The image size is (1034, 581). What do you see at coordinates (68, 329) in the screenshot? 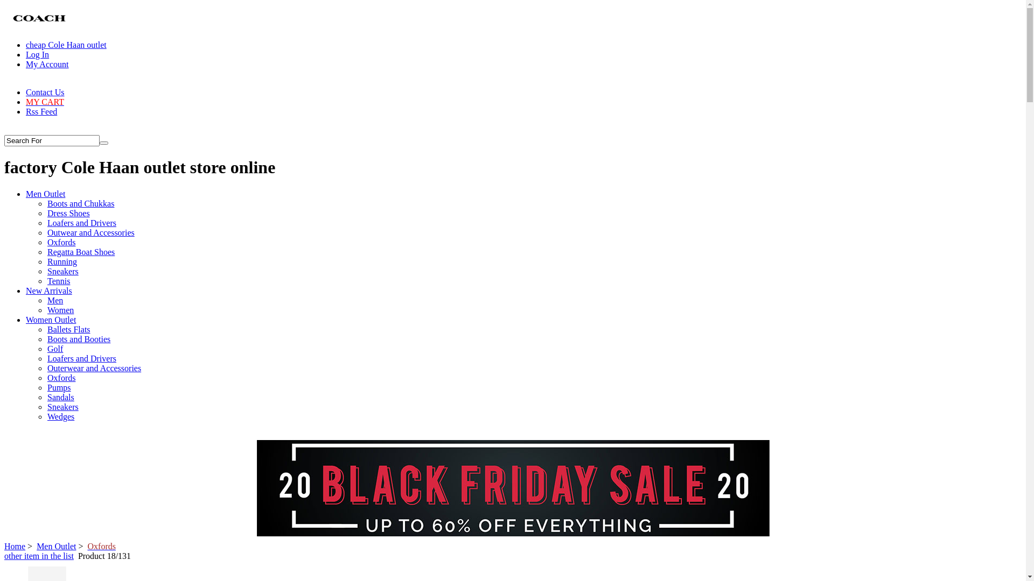
I see `'Ballets Flats'` at bounding box center [68, 329].